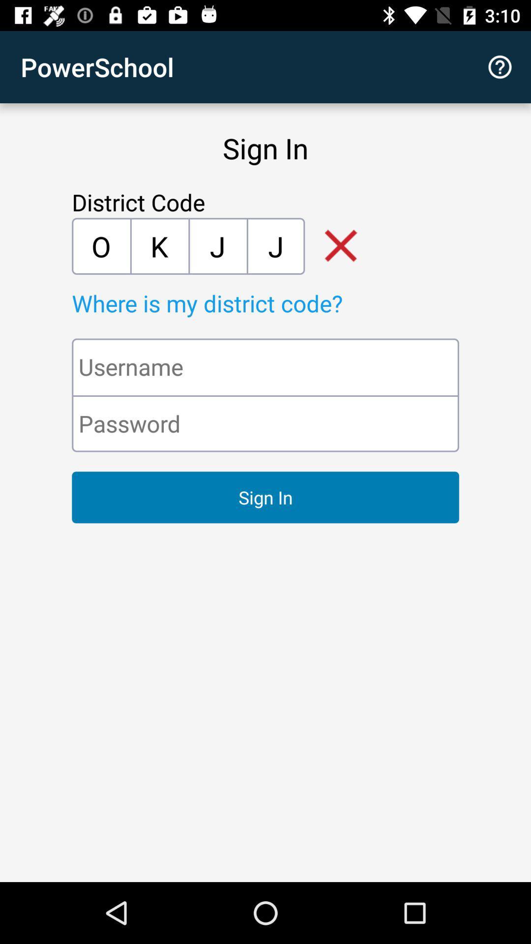 The width and height of the screenshot is (531, 944). Describe the element at coordinates (217, 246) in the screenshot. I see `the alphabet beside k` at that location.